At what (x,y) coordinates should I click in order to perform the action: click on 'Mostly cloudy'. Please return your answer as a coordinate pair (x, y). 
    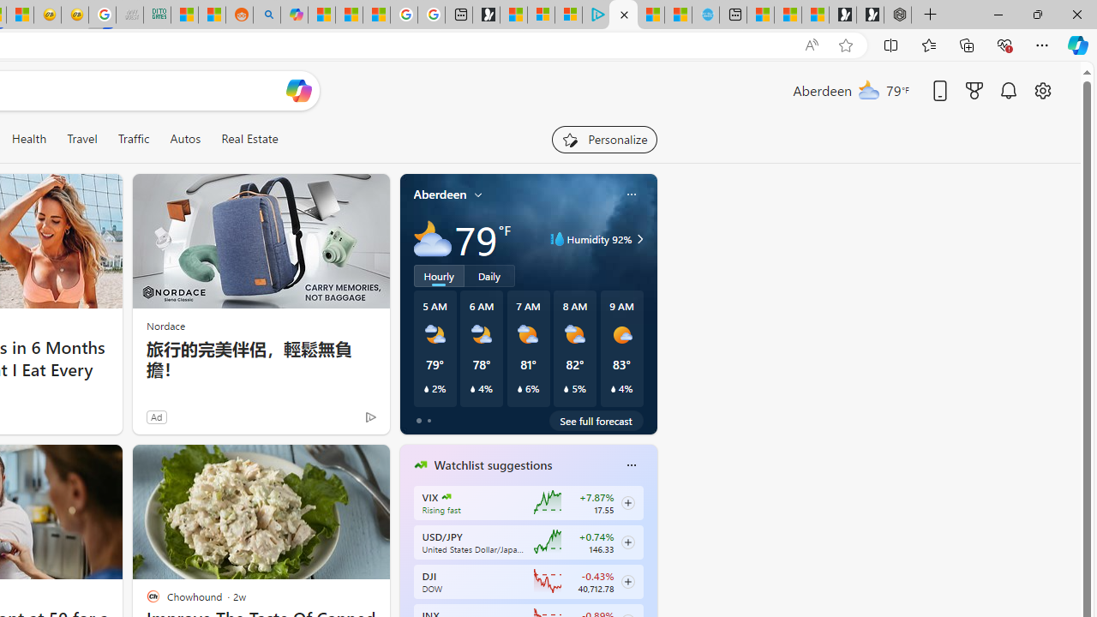
    Looking at the image, I should click on (432, 239).